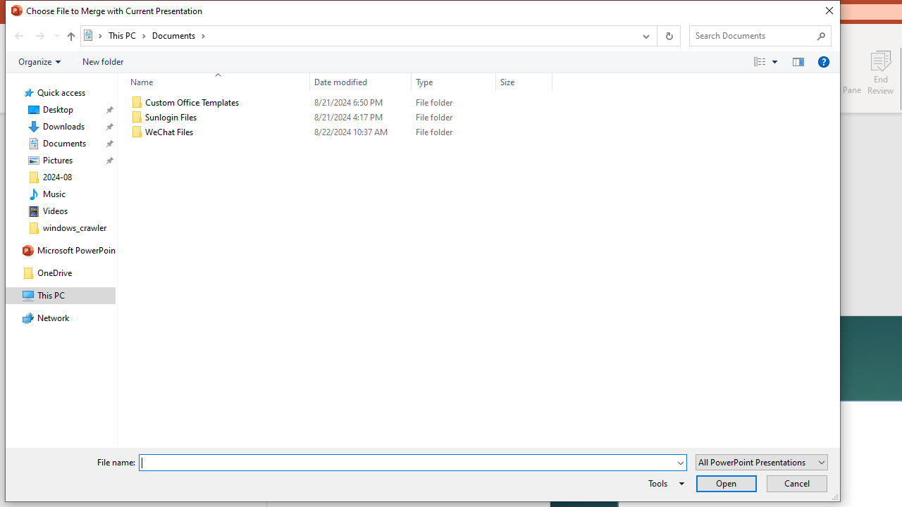 This screenshot has height=507, width=902. I want to click on 'Refresh "Documents" (F5)', so click(667, 35).